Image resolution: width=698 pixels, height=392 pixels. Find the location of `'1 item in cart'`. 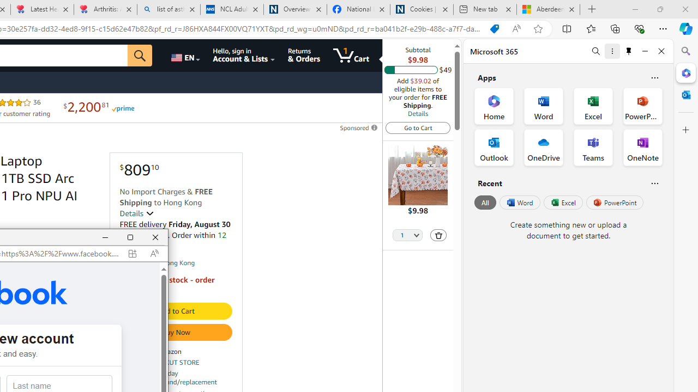

'1 item in cart' is located at coordinates (351, 55).